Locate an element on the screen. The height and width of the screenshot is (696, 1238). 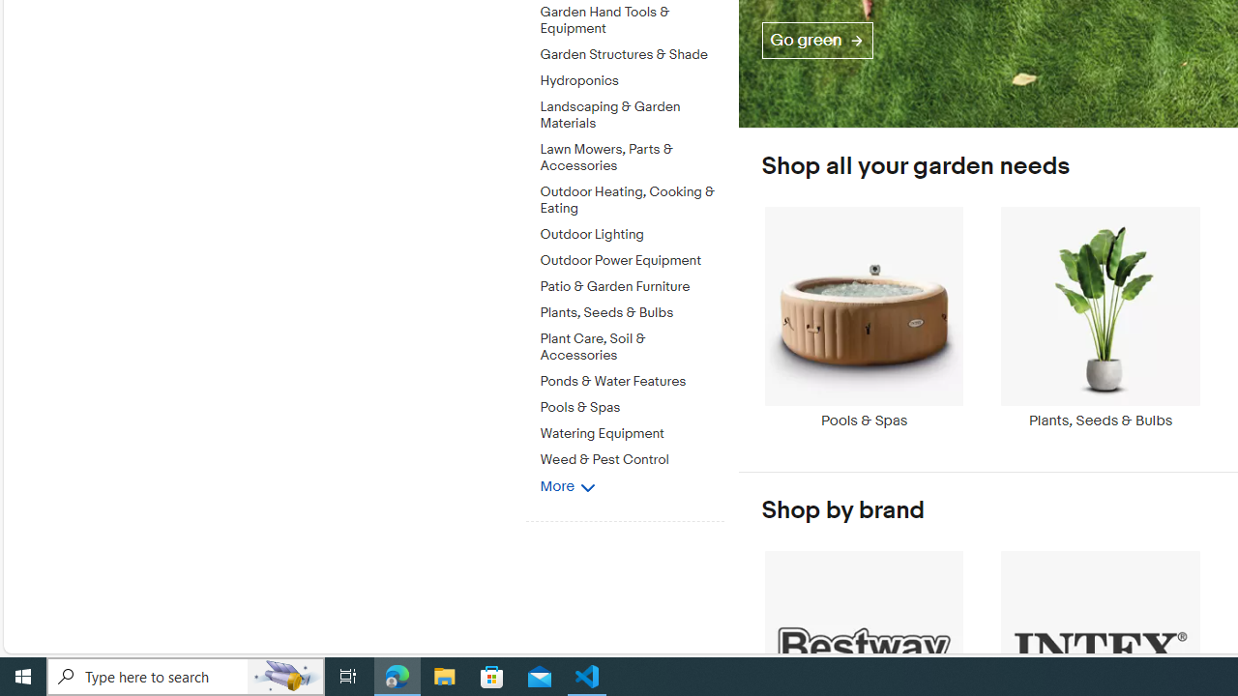
'Outdoor Heating, Cooking & Eating' is located at coordinates (632, 197).